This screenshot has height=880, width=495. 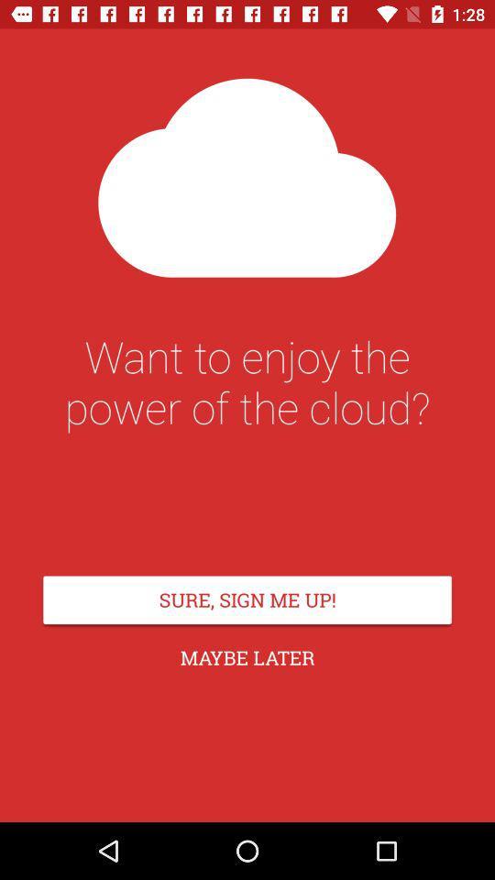 I want to click on the item below the sure sign me, so click(x=247, y=657).